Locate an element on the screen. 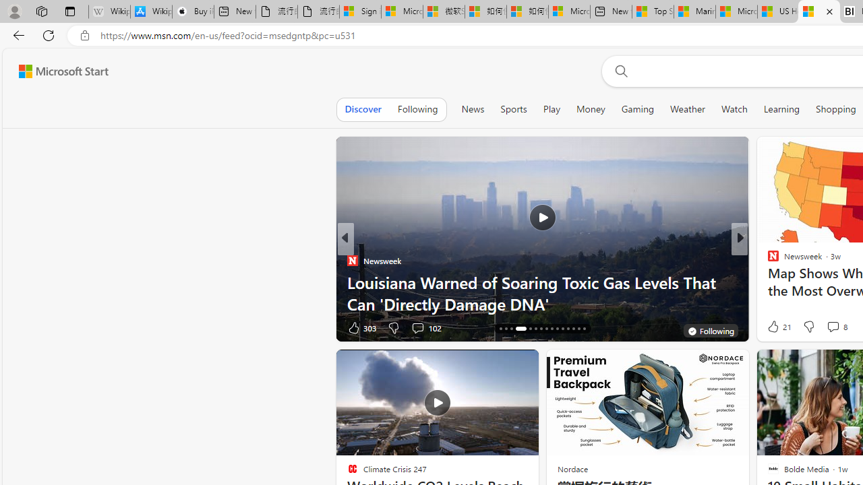 The height and width of the screenshot is (485, 863). 'AutomationID: tab-17' is located at coordinates (505, 329).